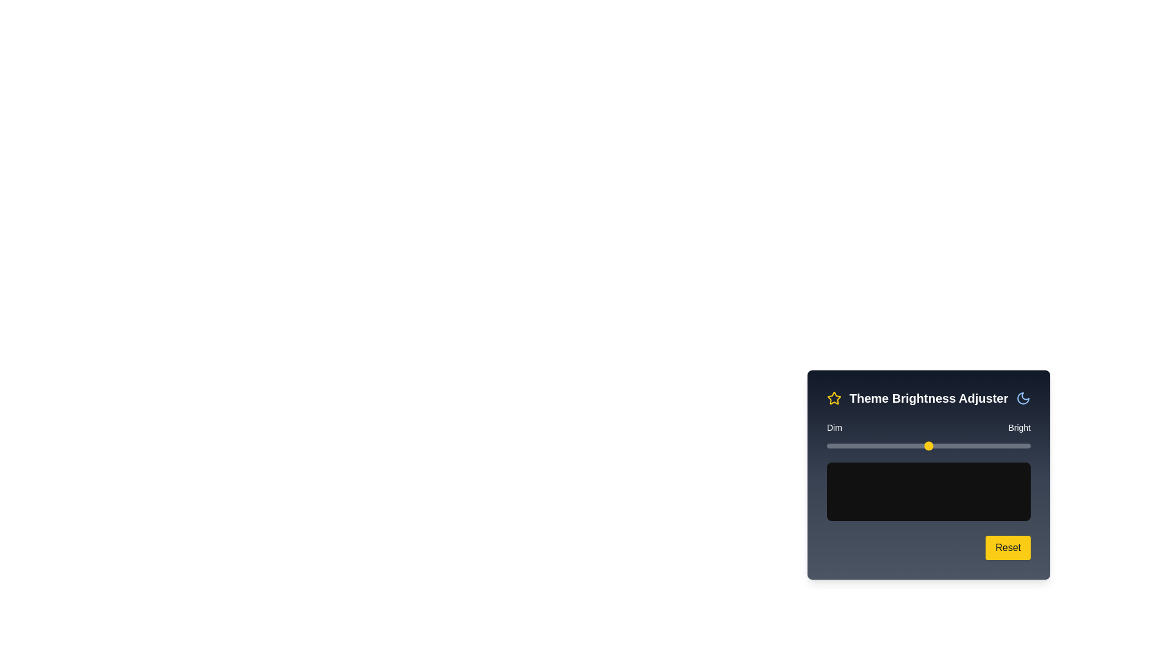 This screenshot has width=1171, height=659. What do you see at coordinates (1020, 446) in the screenshot?
I see `the brightness slider to set the brightness to 95%` at bounding box center [1020, 446].